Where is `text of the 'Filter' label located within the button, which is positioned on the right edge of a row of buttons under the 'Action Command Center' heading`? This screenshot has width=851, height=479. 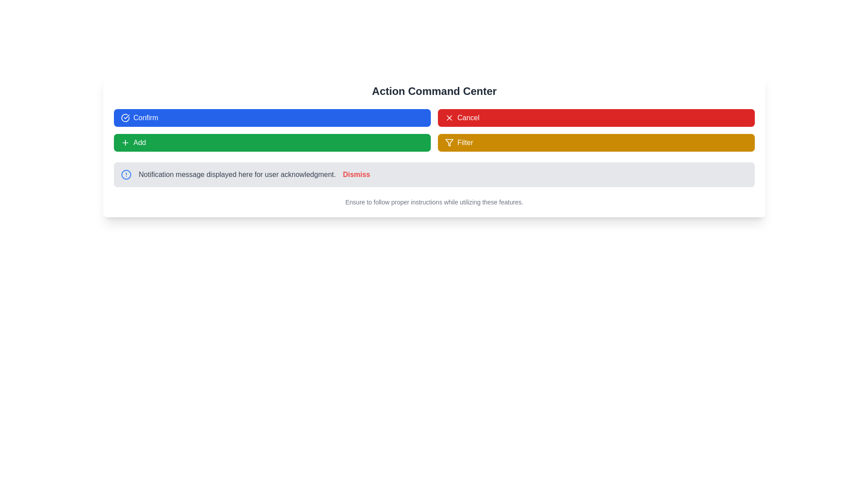
text of the 'Filter' label located within the button, which is positioned on the right edge of a row of buttons under the 'Action Command Center' heading is located at coordinates (465, 142).